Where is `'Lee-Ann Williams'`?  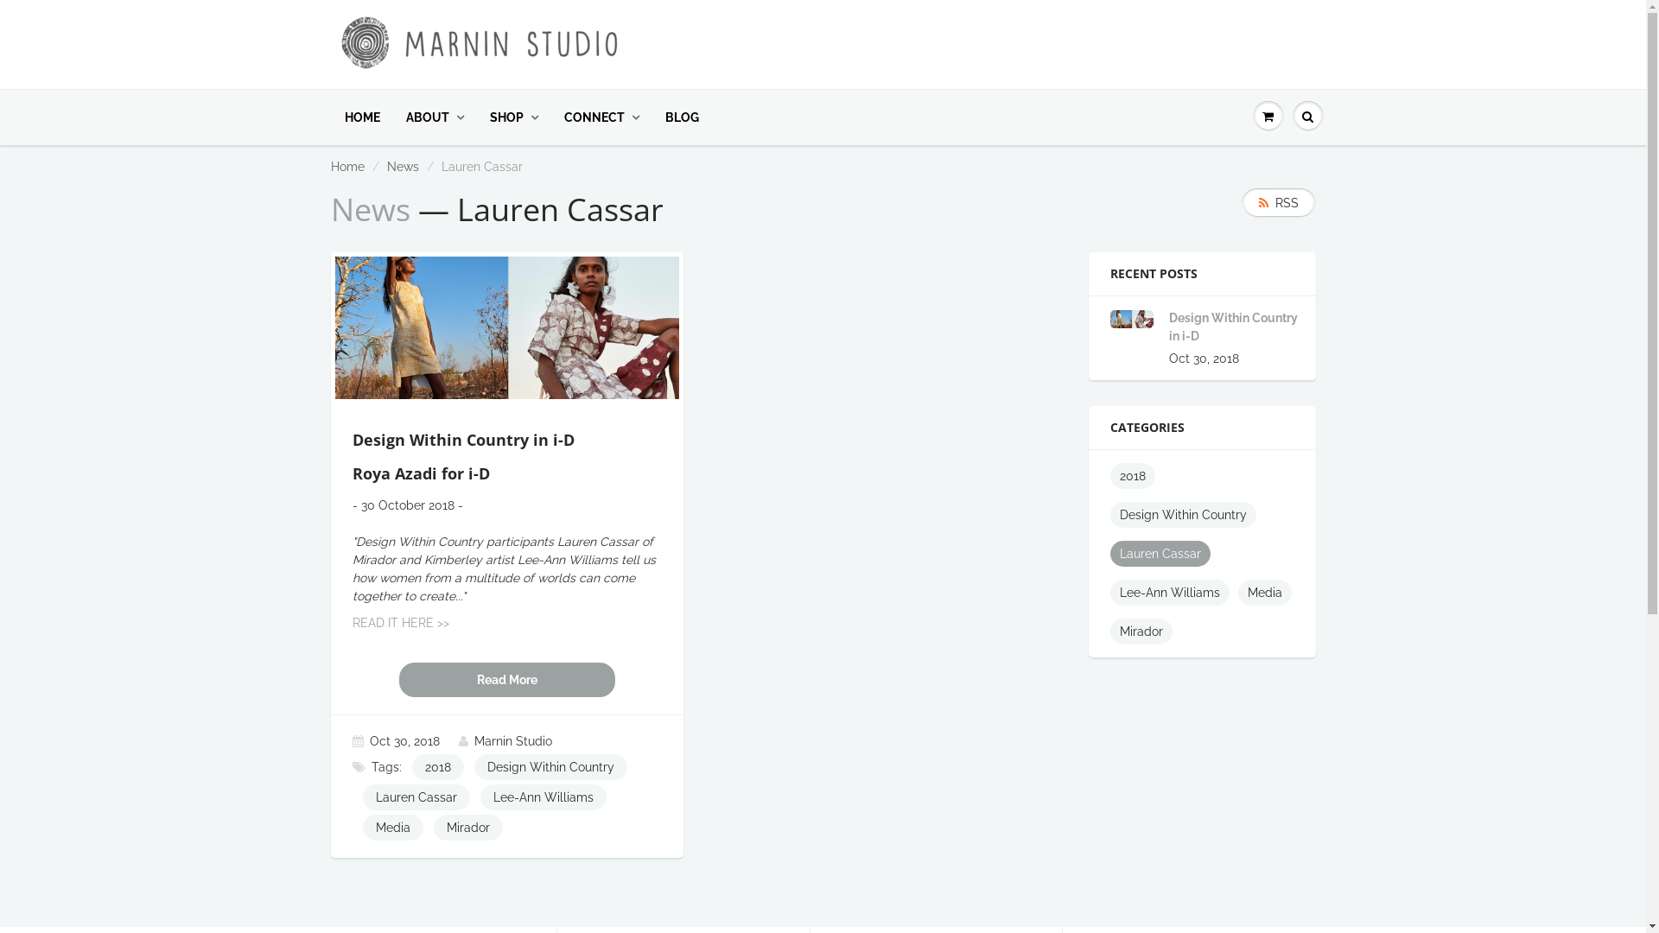
'Lee-Ann Williams' is located at coordinates (1110, 592).